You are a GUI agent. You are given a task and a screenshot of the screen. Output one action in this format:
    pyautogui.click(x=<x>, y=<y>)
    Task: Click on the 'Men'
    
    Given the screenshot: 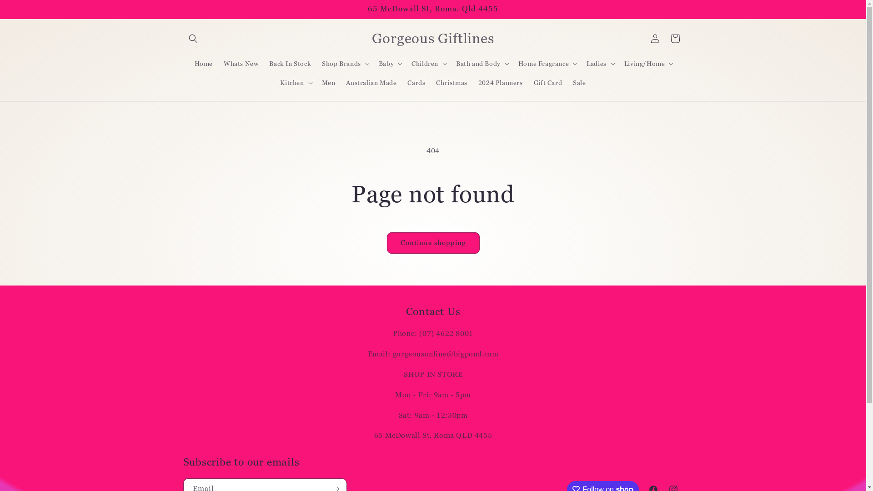 What is the action you would take?
    pyautogui.click(x=316, y=82)
    